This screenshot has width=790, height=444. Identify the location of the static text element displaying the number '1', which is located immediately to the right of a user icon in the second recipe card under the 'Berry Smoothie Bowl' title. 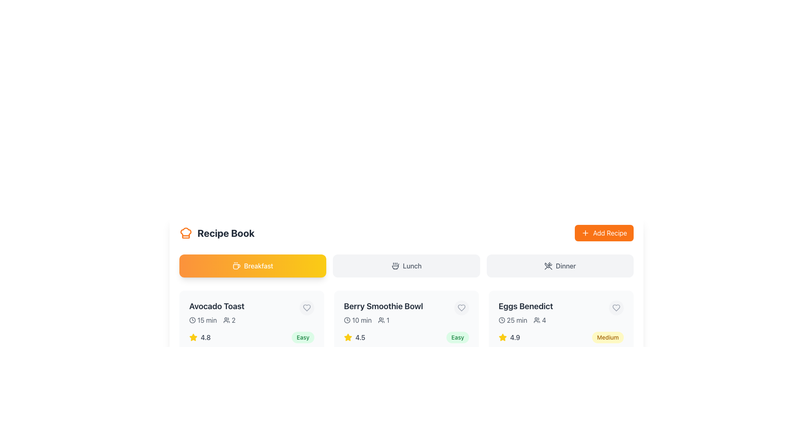
(387, 320).